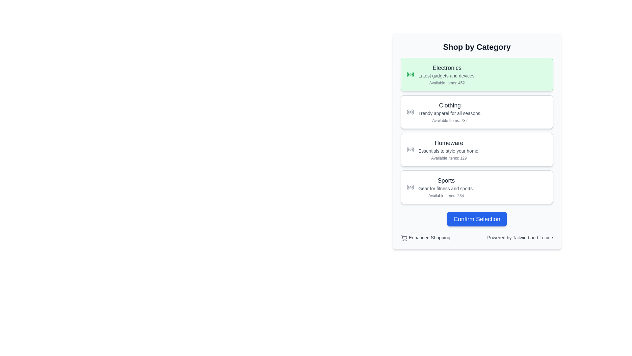 The image size is (632, 356). What do you see at coordinates (447, 75) in the screenshot?
I see `the text element that describes the 'Electronics' category, specifically the text that states 'Latest gadgets and devices.'` at bounding box center [447, 75].